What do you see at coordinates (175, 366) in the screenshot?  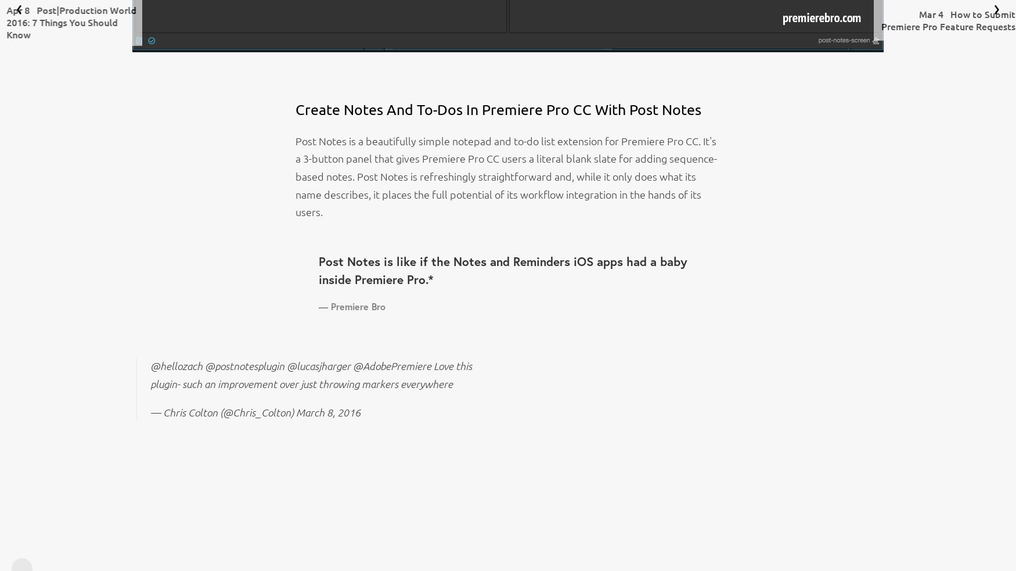 I see `'@hellozach'` at bounding box center [175, 366].